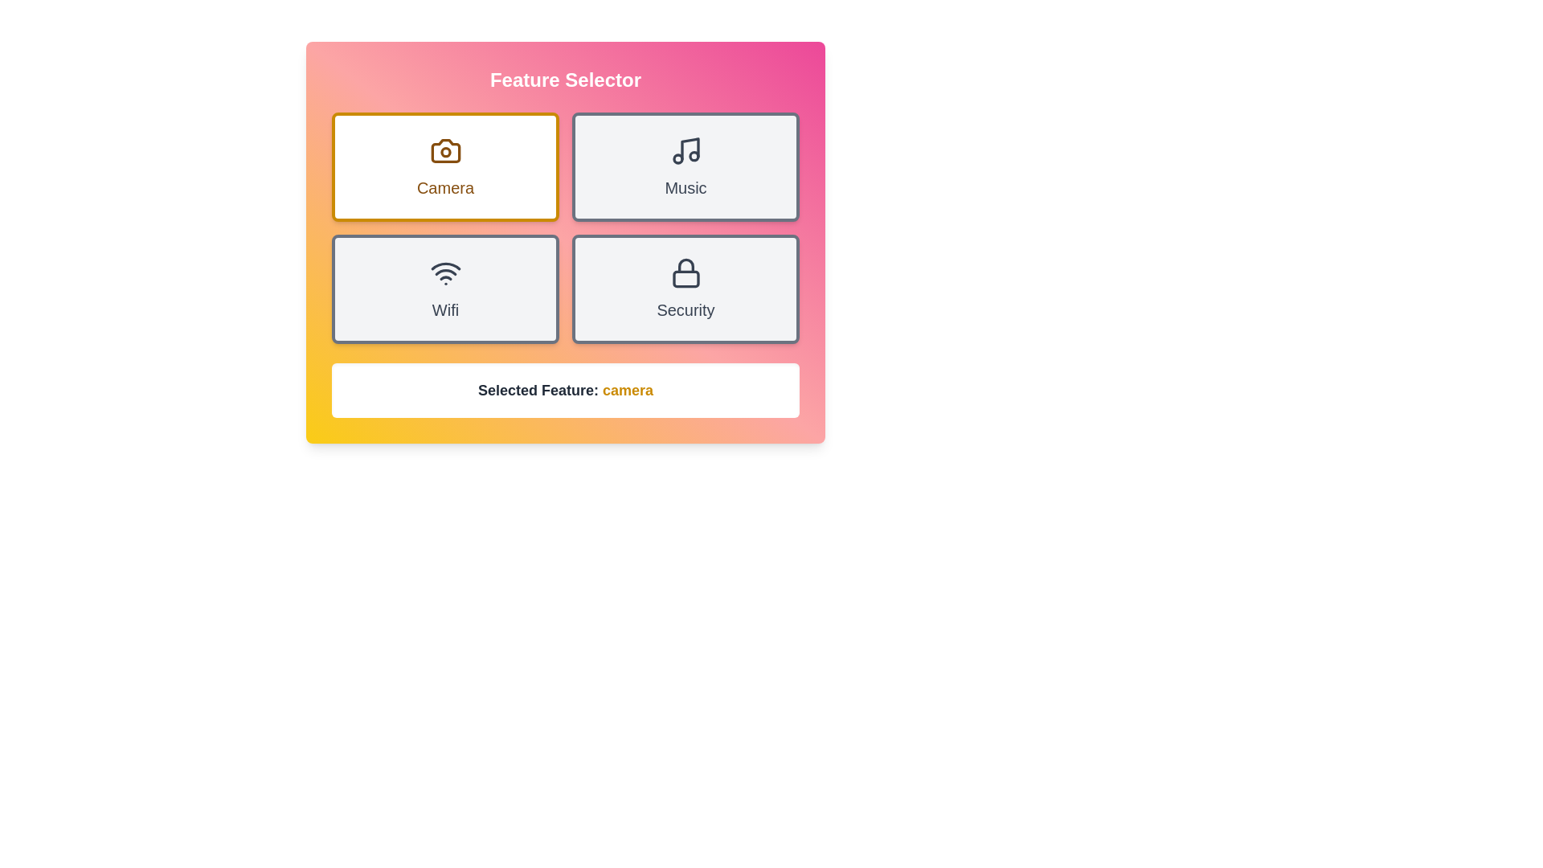  What do you see at coordinates (445, 152) in the screenshot?
I see `the camera lens graphical UI component, which is located at the center of the camera icon in the top-left section of the feature selector grid` at bounding box center [445, 152].